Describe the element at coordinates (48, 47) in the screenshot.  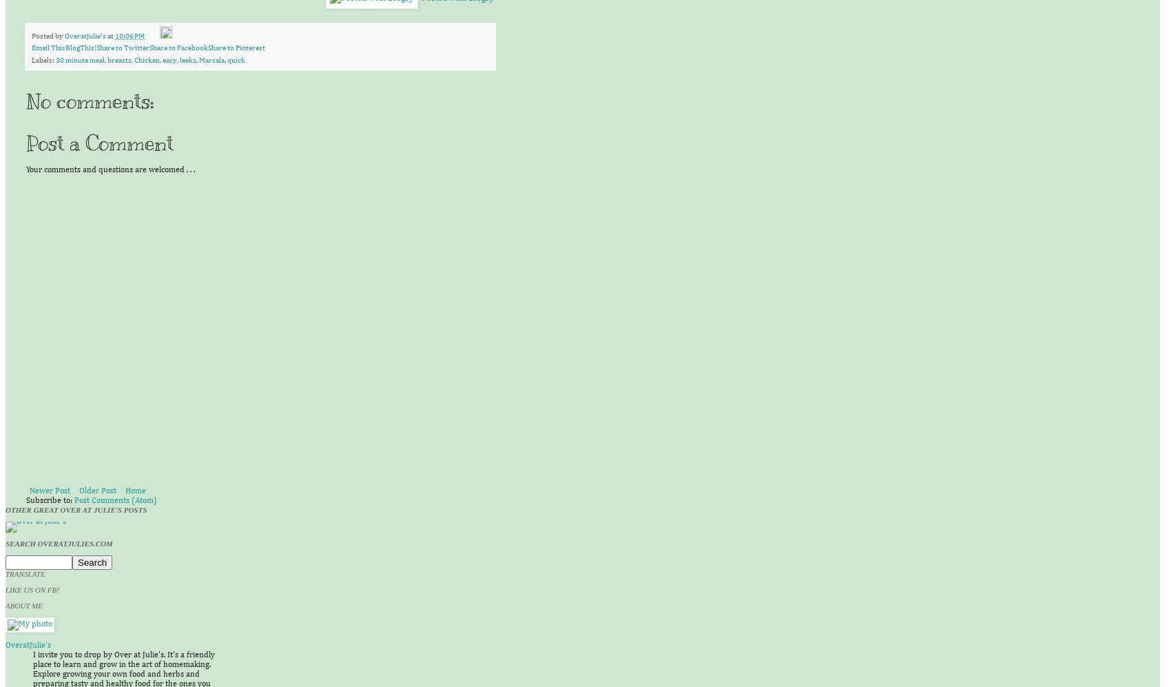
I see `'Email This'` at that location.